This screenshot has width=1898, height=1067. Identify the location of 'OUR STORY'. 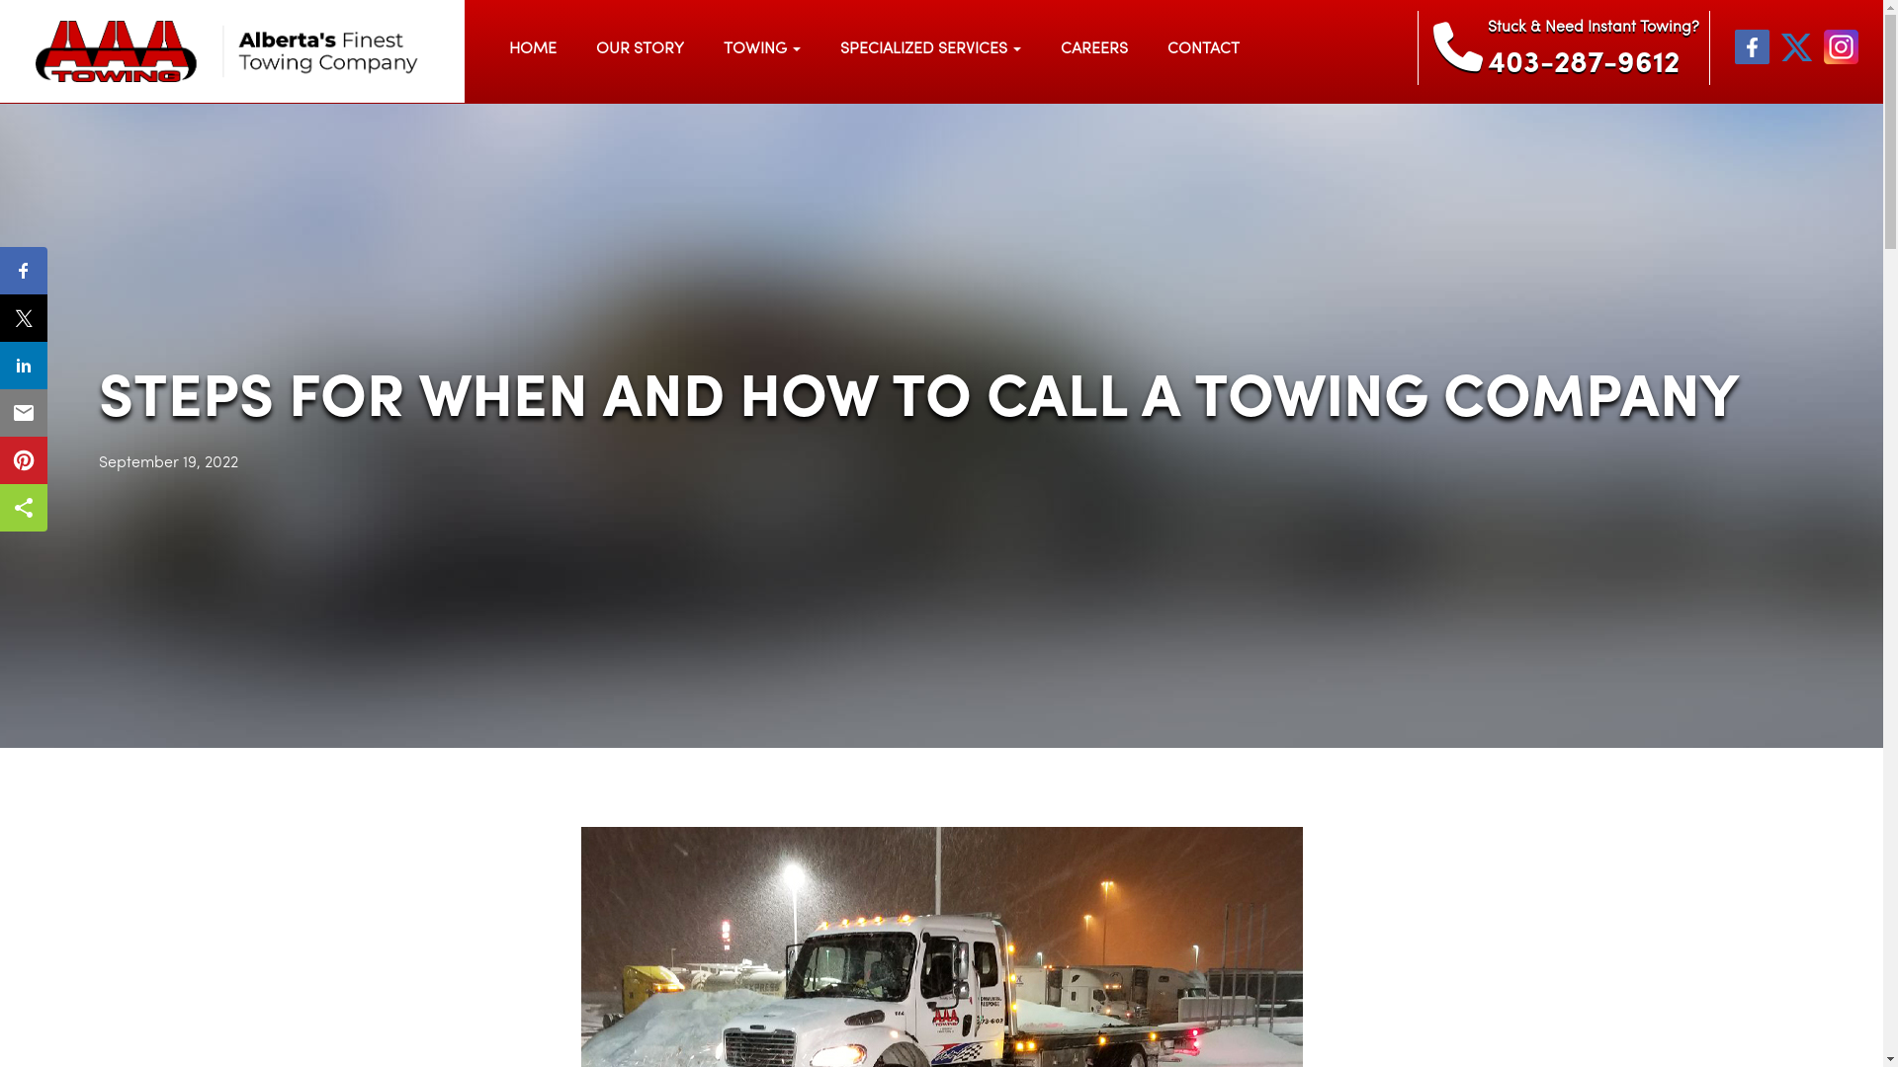
(640, 48).